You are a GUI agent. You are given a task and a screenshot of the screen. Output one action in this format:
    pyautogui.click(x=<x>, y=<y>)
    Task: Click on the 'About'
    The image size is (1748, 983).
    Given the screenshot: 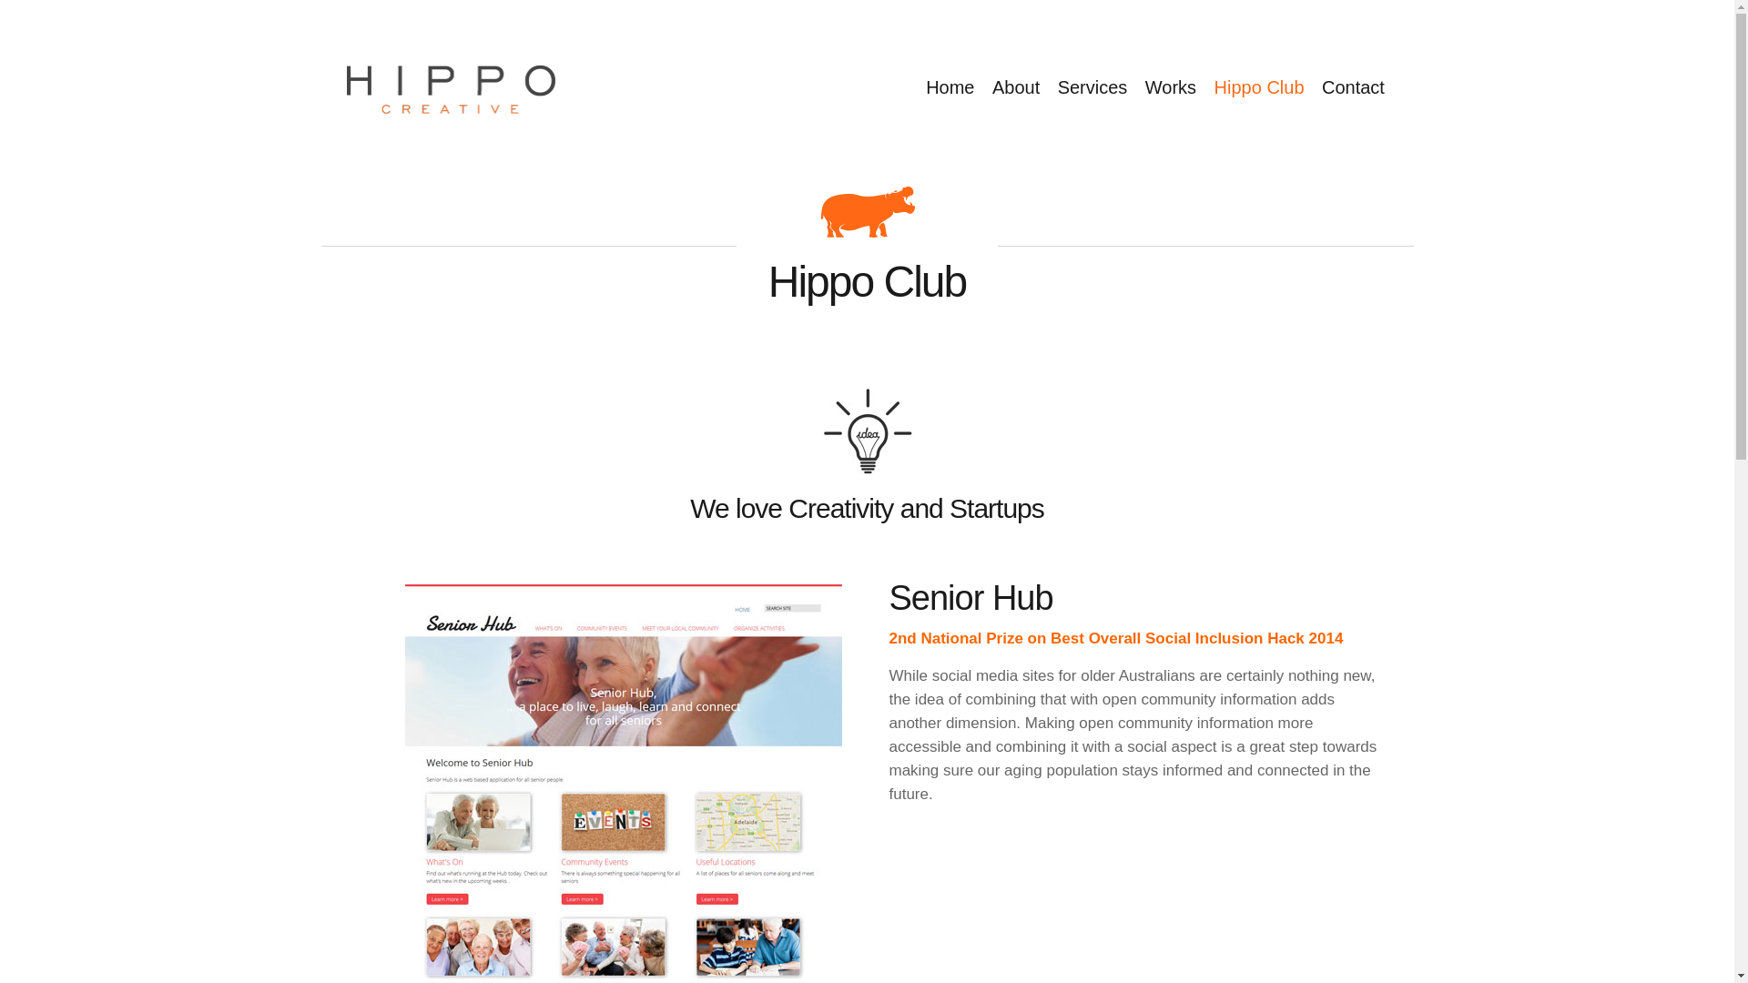 What is the action you would take?
    pyautogui.click(x=1015, y=87)
    